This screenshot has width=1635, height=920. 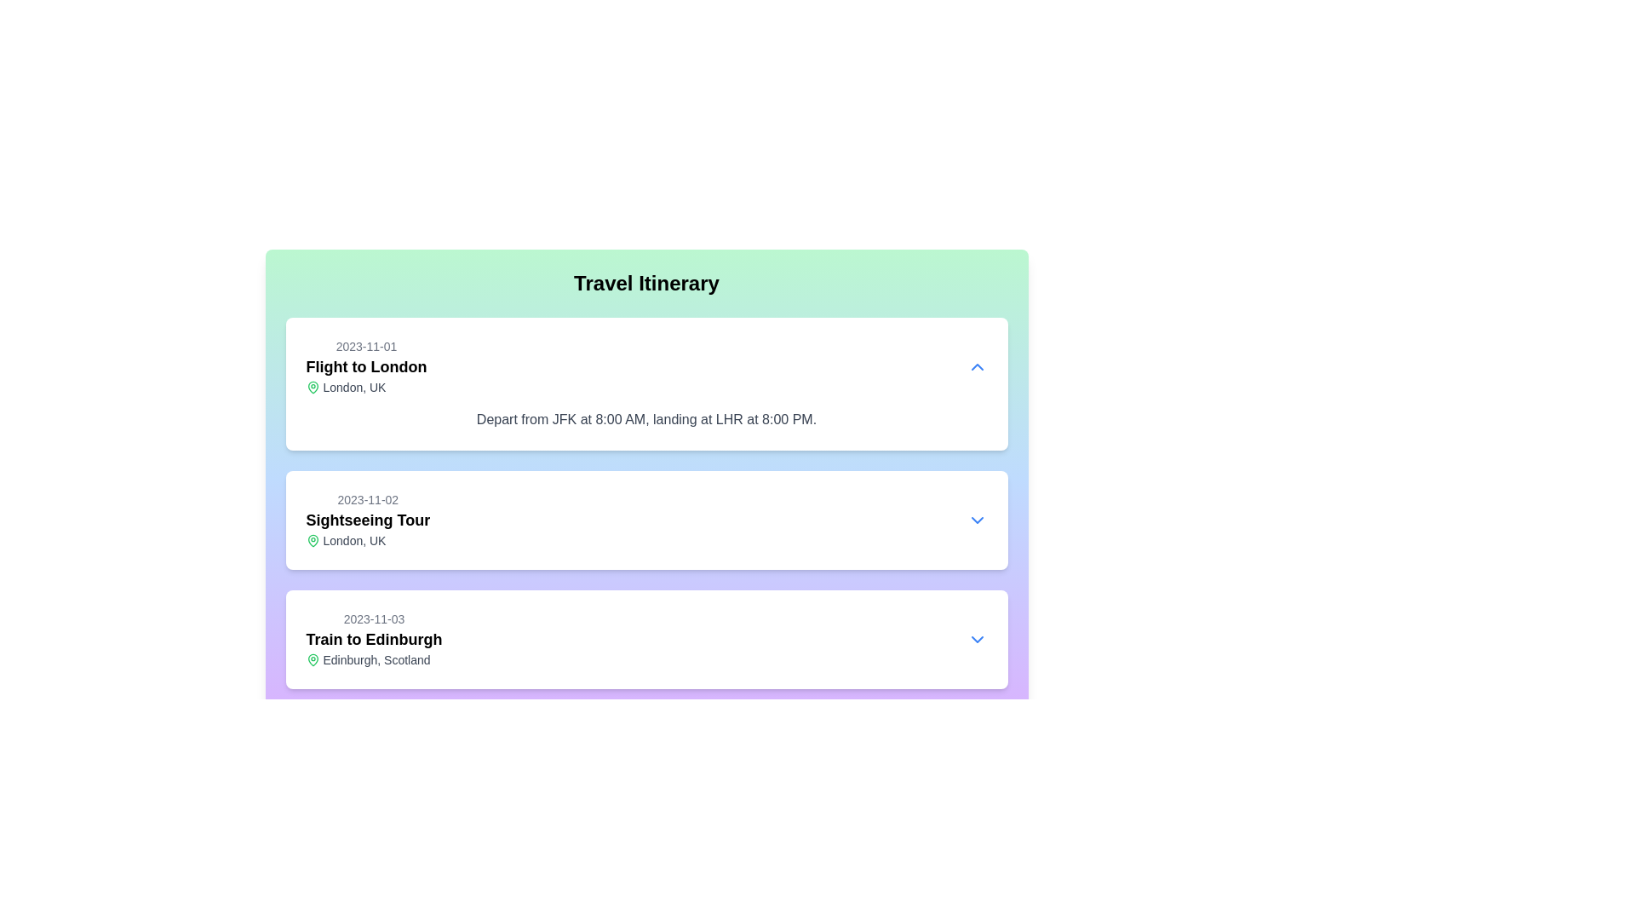 I want to click on the location map pin icon located in the second itinerary card titled 'Sightseeing Tour', next to the text 'London, UK', so click(x=313, y=541).